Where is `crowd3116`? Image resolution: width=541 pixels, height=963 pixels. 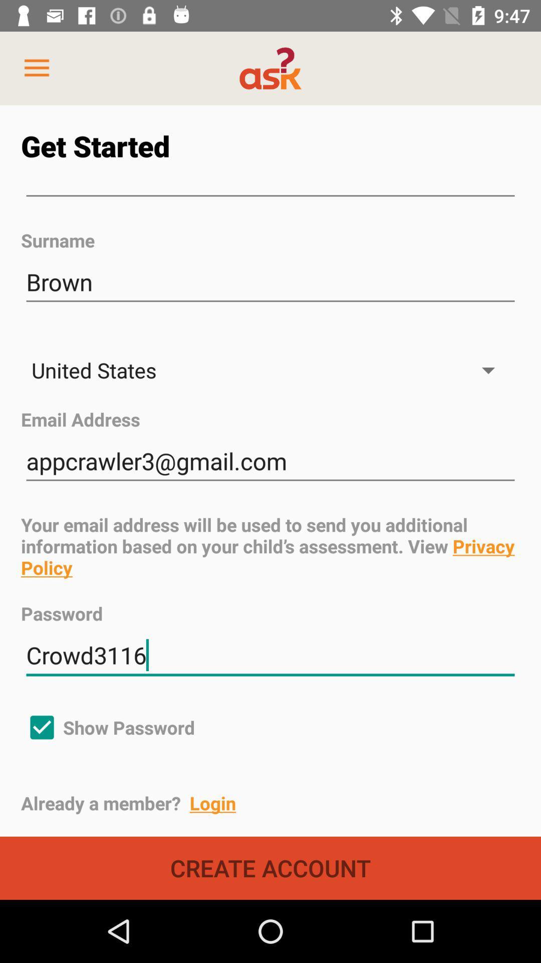
crowd3116 is located at coordinates (270, 656).